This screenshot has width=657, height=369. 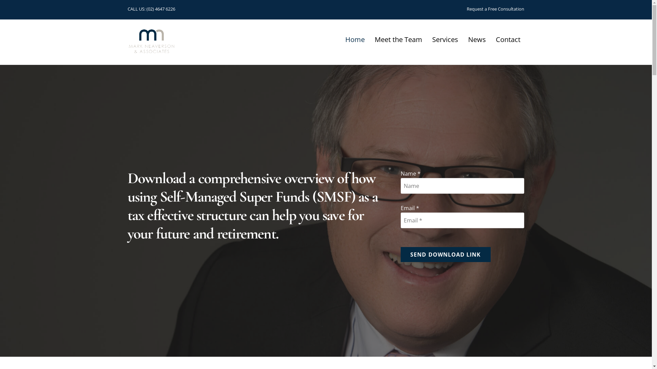 I want to click on 'Contact', so click(x=507, y=39).